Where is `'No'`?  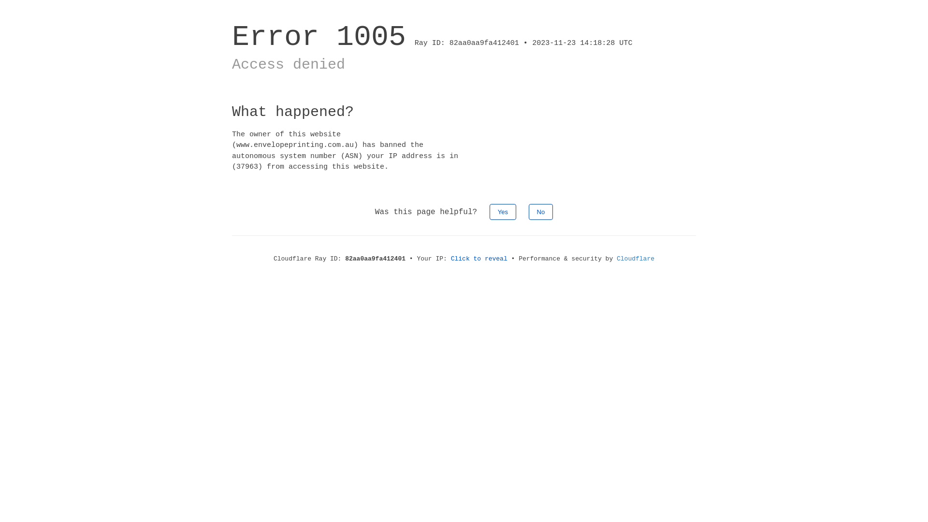
'No' is located at coordinates (540, 211).